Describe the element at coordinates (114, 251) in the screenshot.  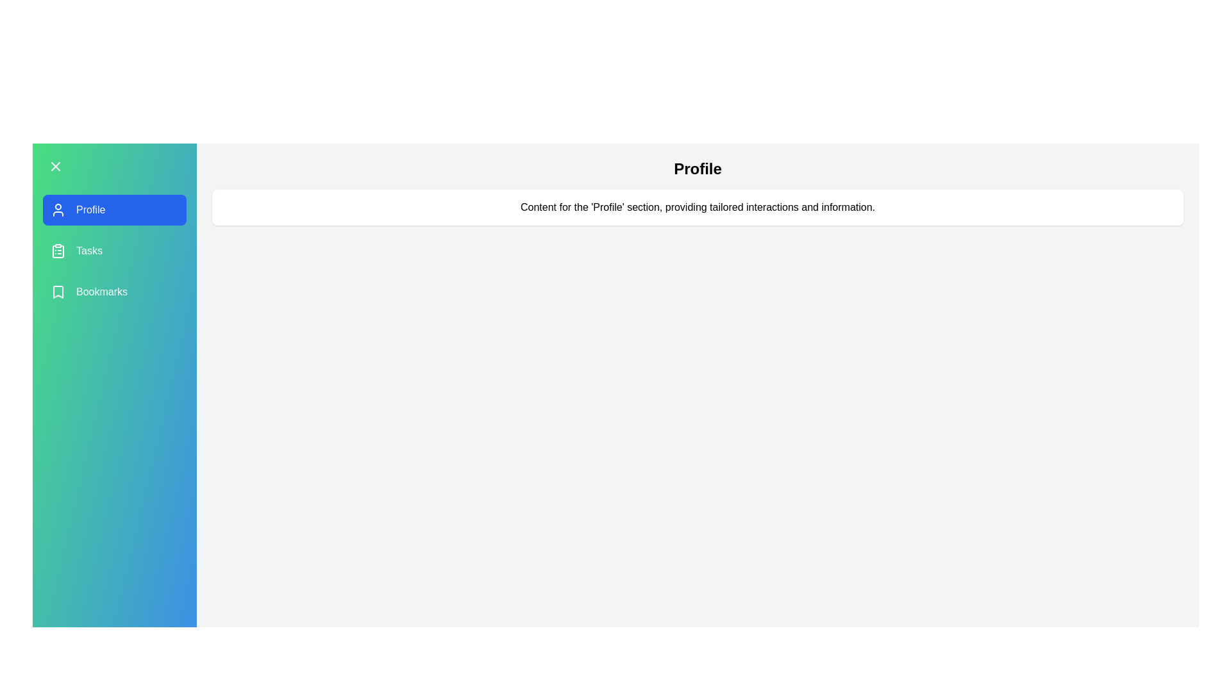
I see `the menu item Tasks to navigate to its section` at that location.